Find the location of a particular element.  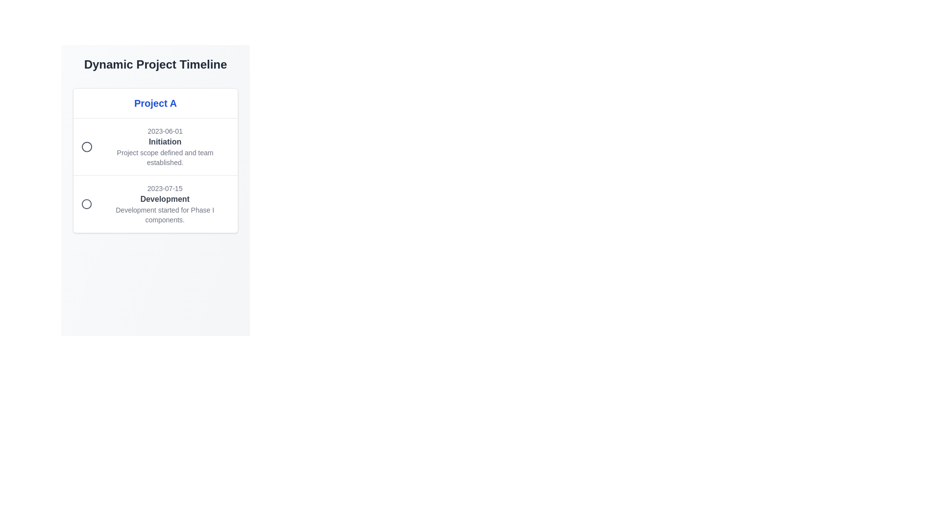

the SVG circle that serves as a graphical marker in the timeline for the '2023-06-01 Initiation' milestone under 'Project A' is located at coordinates (87, 203).